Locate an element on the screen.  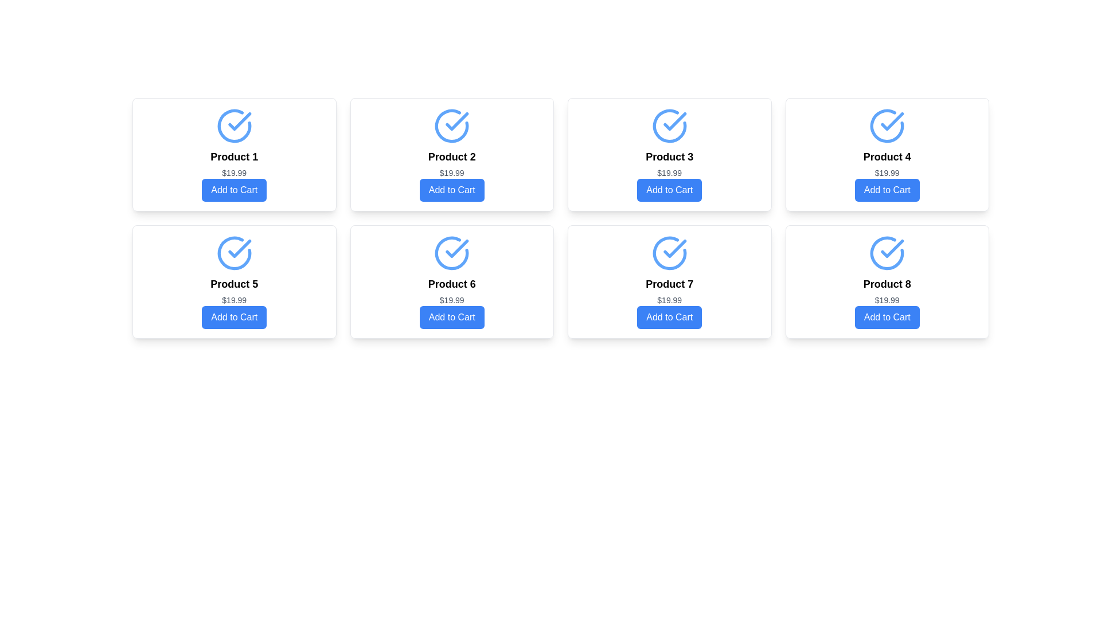
the blue circular checkmark icon located at the top of the 'Product 1' card for more information is located at coordinates (233, 126).